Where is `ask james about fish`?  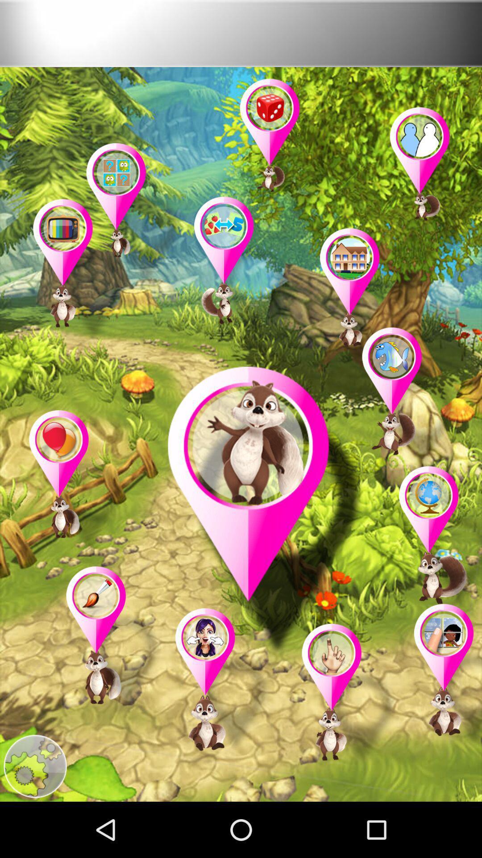
ask james about fish is located at coordinates (410, 400).